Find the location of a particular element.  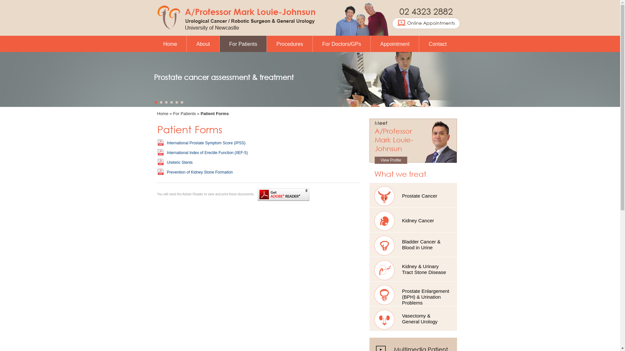

'Online Appointments' is located at coordinates (392, 23).